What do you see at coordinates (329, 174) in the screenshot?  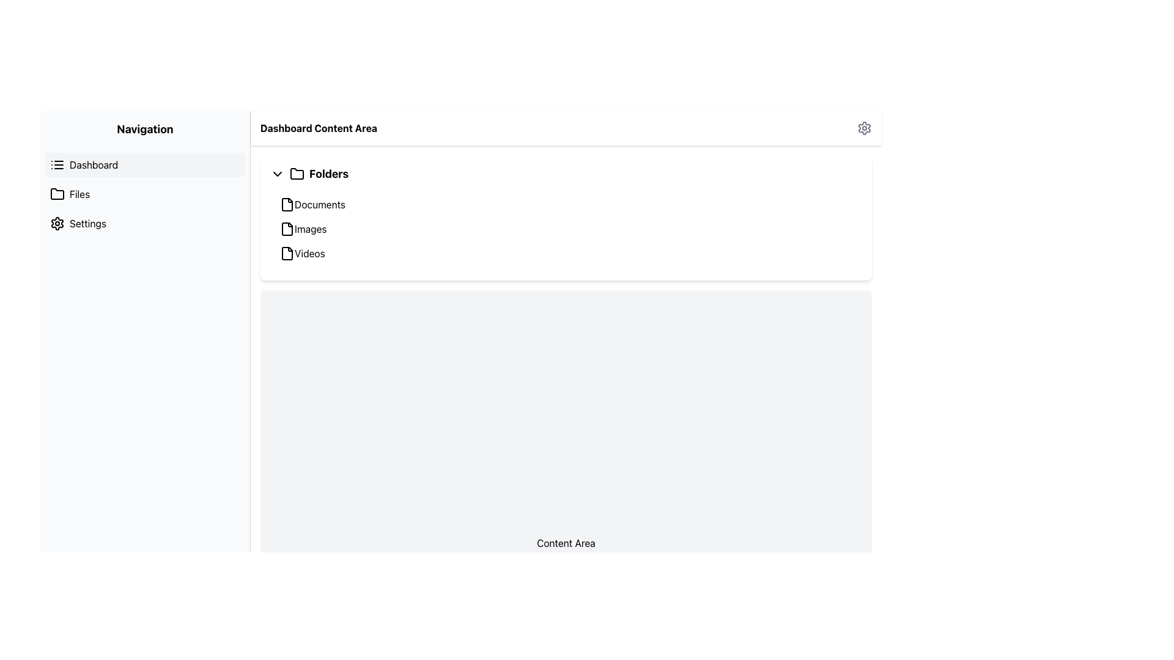 I see `title of the 'Folders' label, which is displayed in bold black font within the folder navigation structure, located below the 'Dashboard Content Area' heading` at bounding box center [329, 174].